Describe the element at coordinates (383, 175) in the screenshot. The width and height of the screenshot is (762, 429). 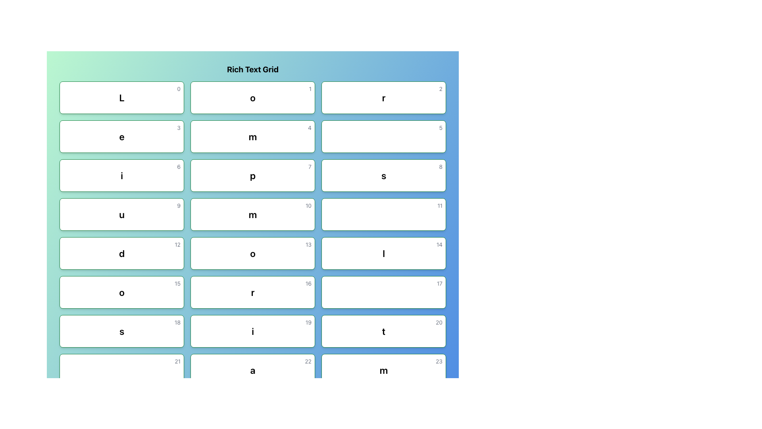
I see `the interactive card with a white background and green border, containing a bold letter 's' and a small number '8' in the top-right corner` at that location.